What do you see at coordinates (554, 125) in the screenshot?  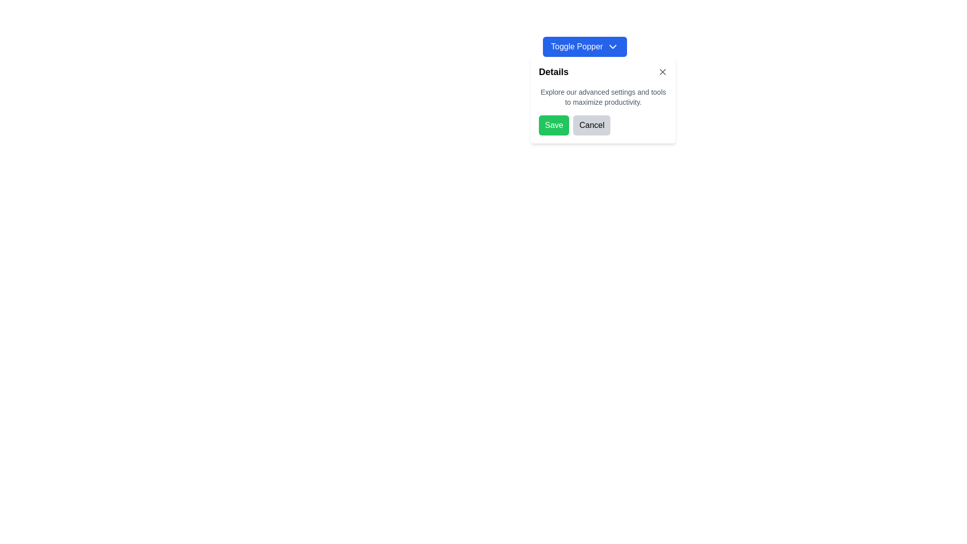 I see `the 'Save' button` at bounding box center [554, 125].